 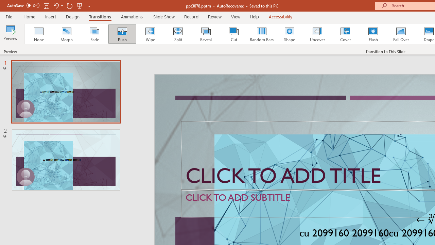 What do you see at coordinates (205, 34) in the screenshot?
I see `'Reveal'` at bounding box center [205, 34].